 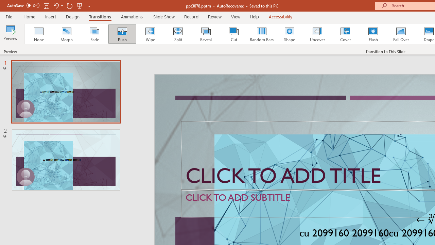 What do you see at coordinates (205, 34) in the screenshot?
I see `'Reveal'` at bounding box center [205, 34].